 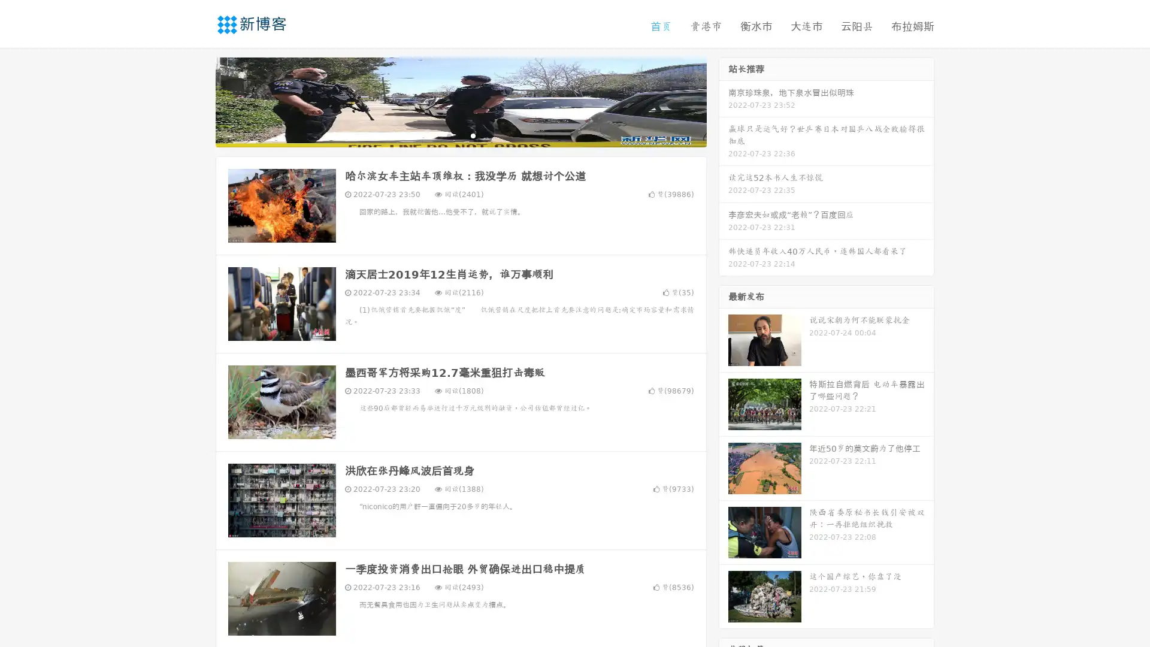 What do you see at coordinates (473, 135) in the screenshot?
I see `Go to slide 3` at bounding box center [473, 135].